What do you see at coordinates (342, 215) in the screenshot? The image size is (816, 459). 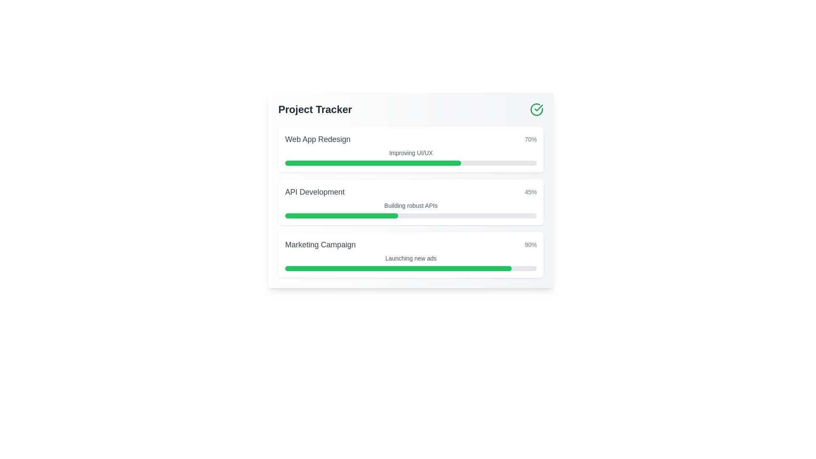 I see `the green progress bar segment representing progress in the 'API Development' section of the interface` at bounding box center [342, 215].